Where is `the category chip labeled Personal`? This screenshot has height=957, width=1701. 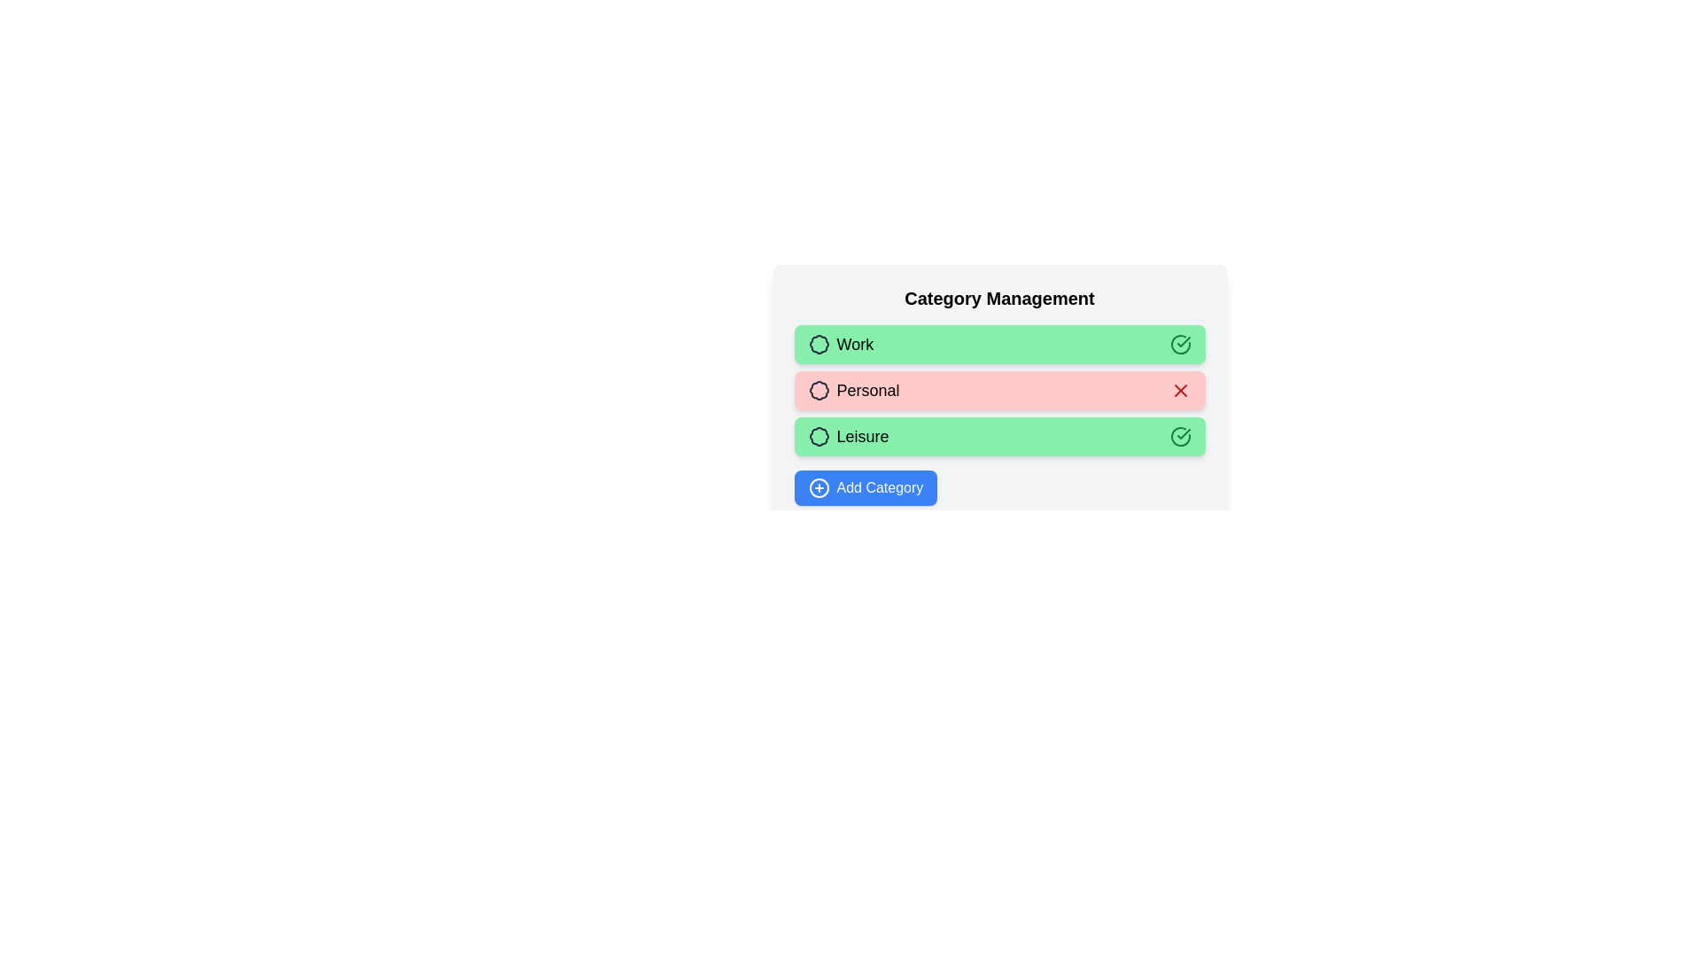
the category chip labeled Personal is located at coordinates (999, 389).